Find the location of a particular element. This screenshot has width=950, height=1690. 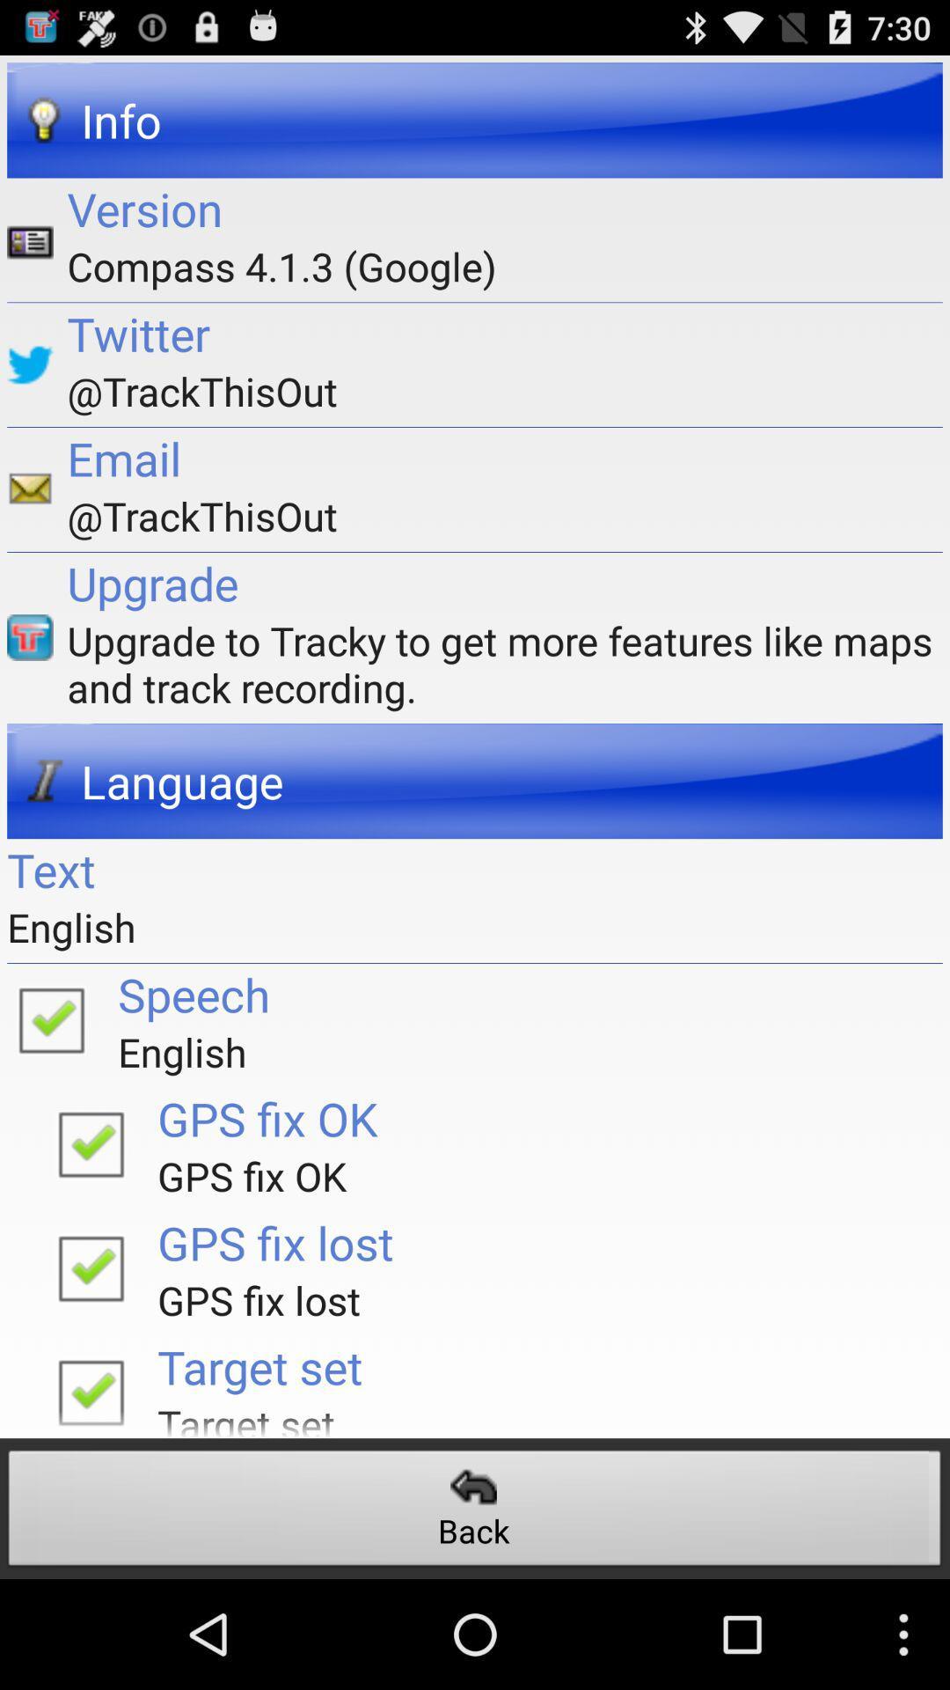

gps fix lost option on or off is located at coordinates (91, 1267).